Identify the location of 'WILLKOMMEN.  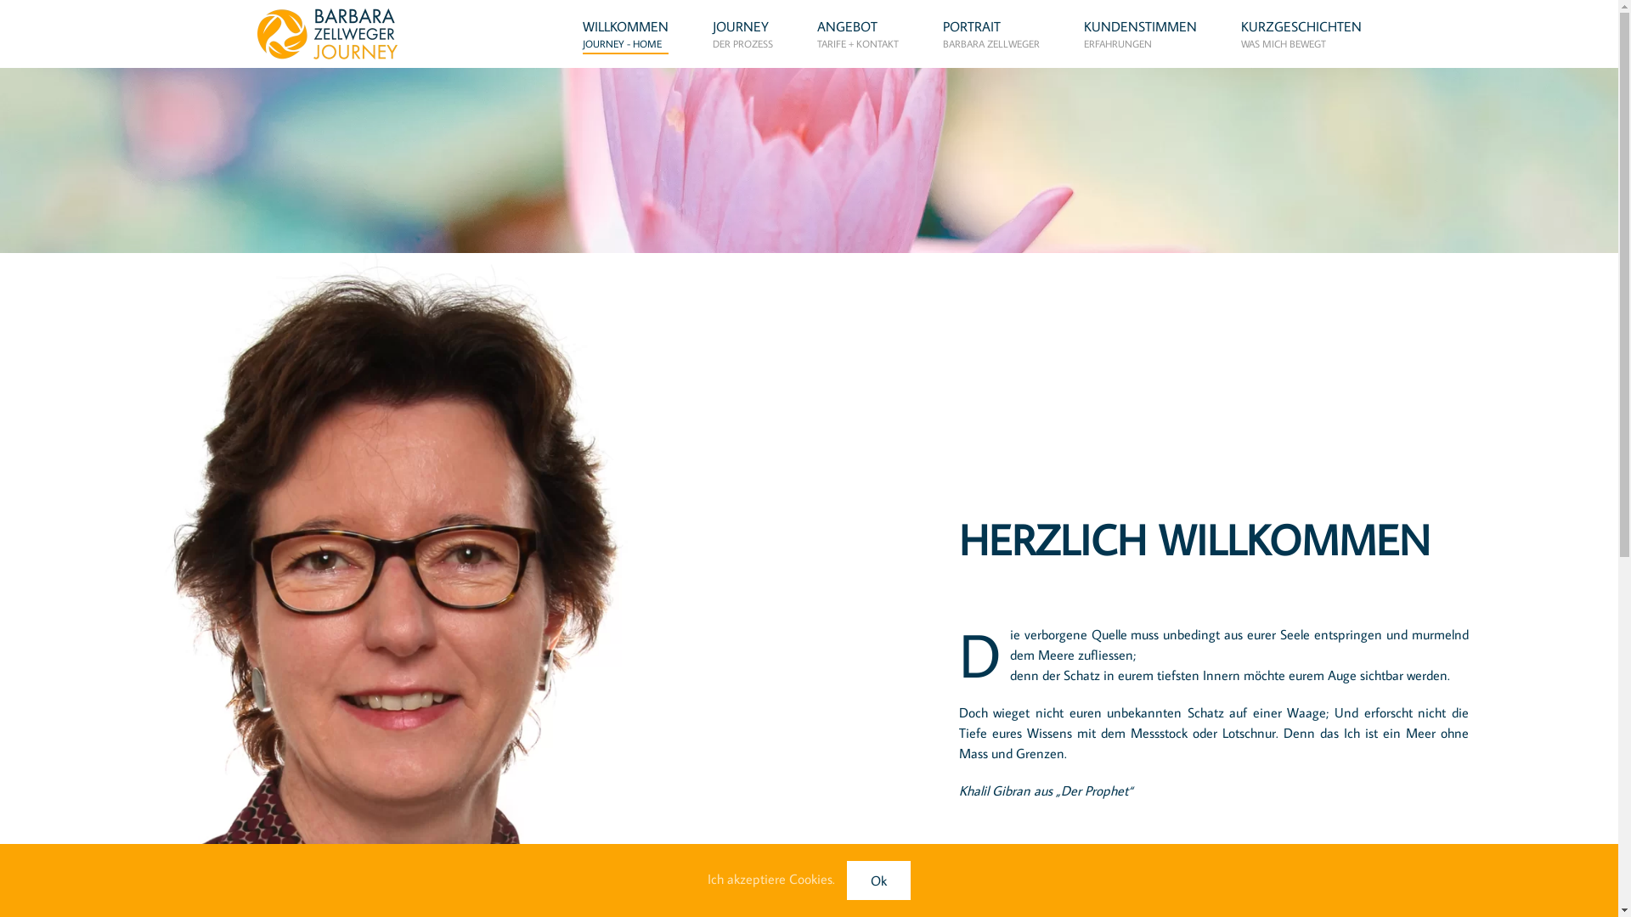
(624, 33).